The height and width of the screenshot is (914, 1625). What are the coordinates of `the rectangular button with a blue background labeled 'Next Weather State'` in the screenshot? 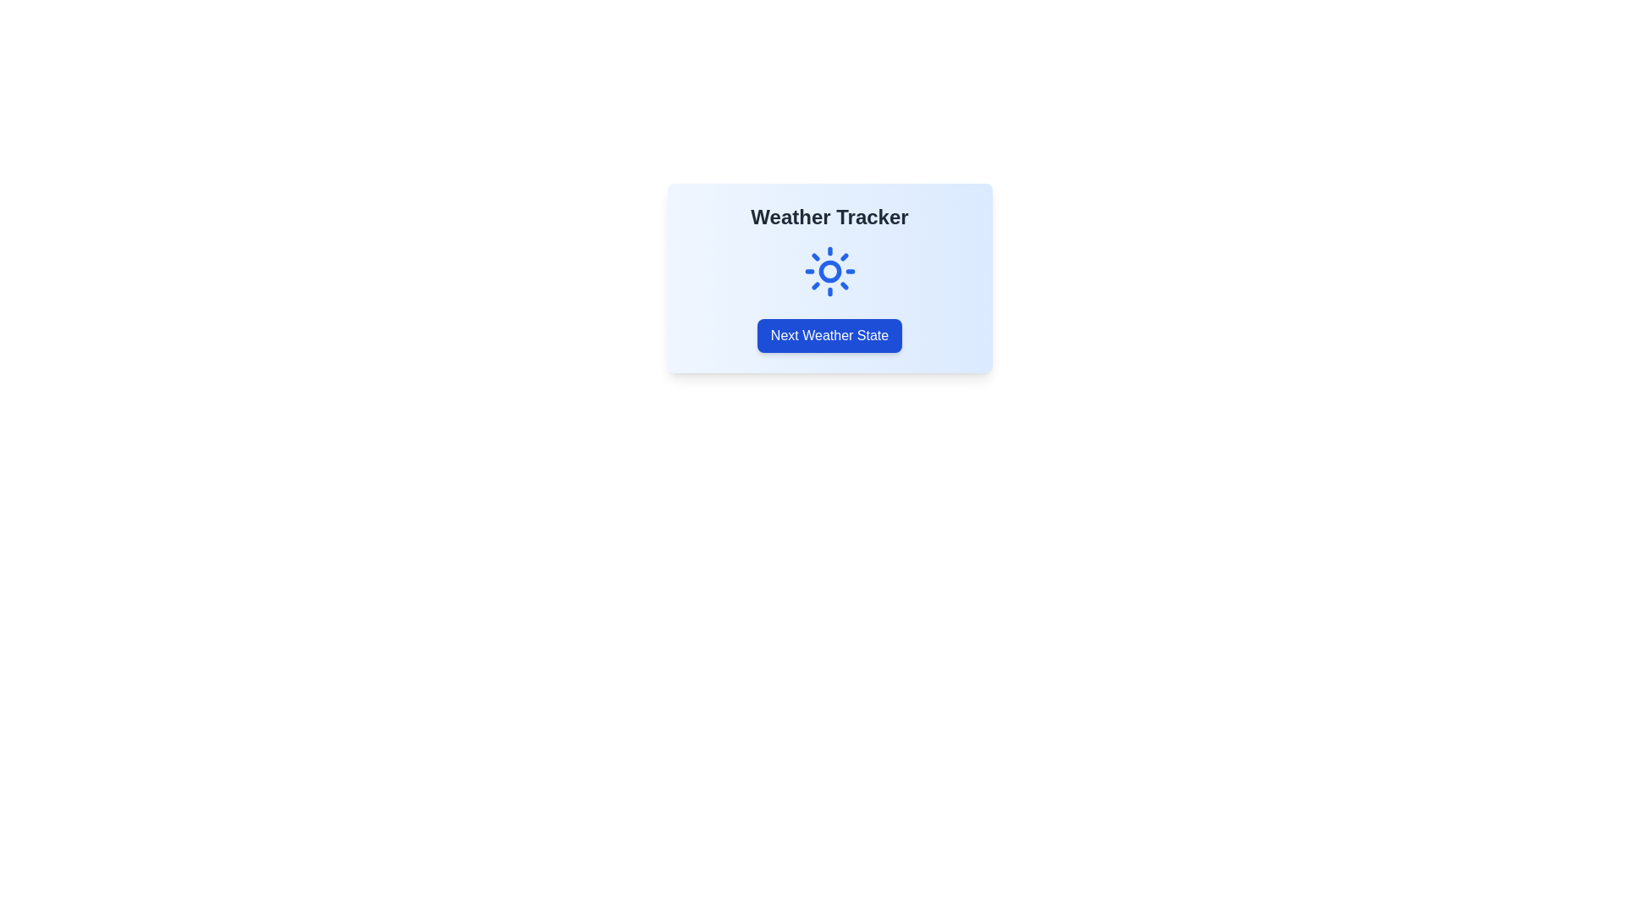 It's located at (829, 336).